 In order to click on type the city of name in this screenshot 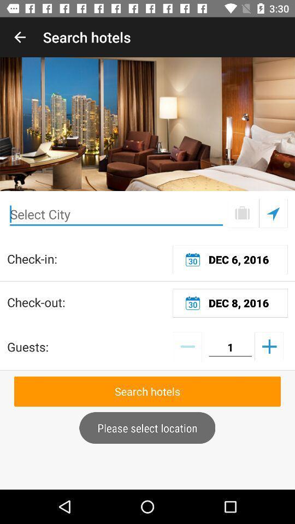, I will do `click(116, 214)`.